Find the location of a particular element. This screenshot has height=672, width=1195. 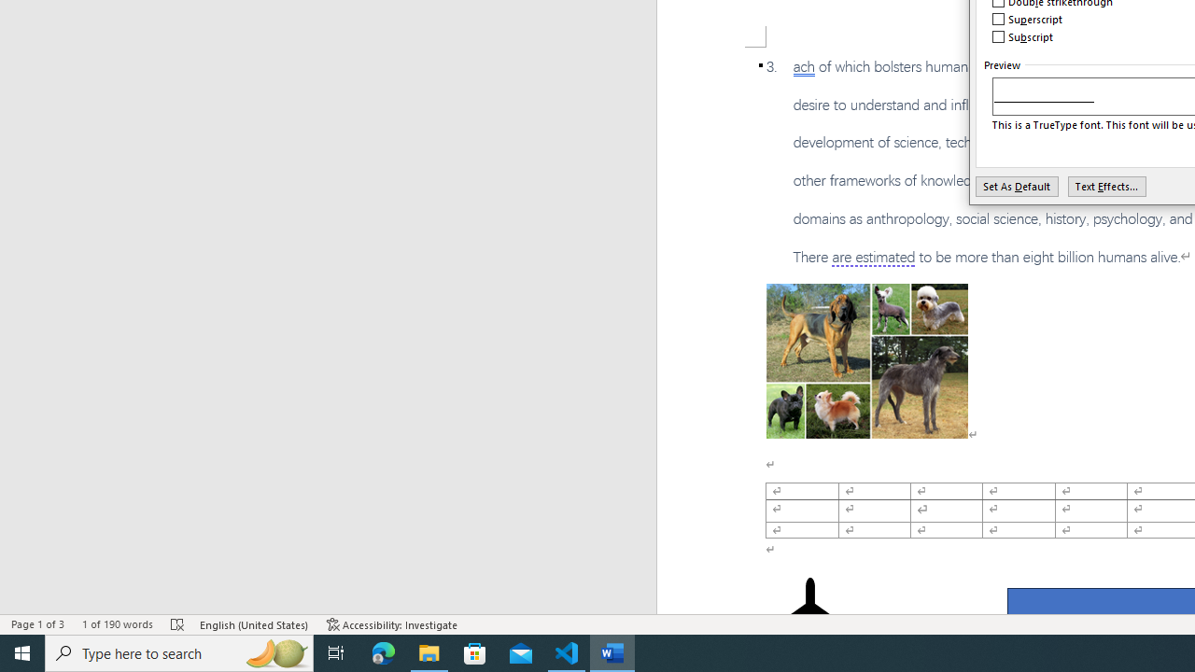

'Morphological variation in six dogs' is located at coordinates (865, 361).